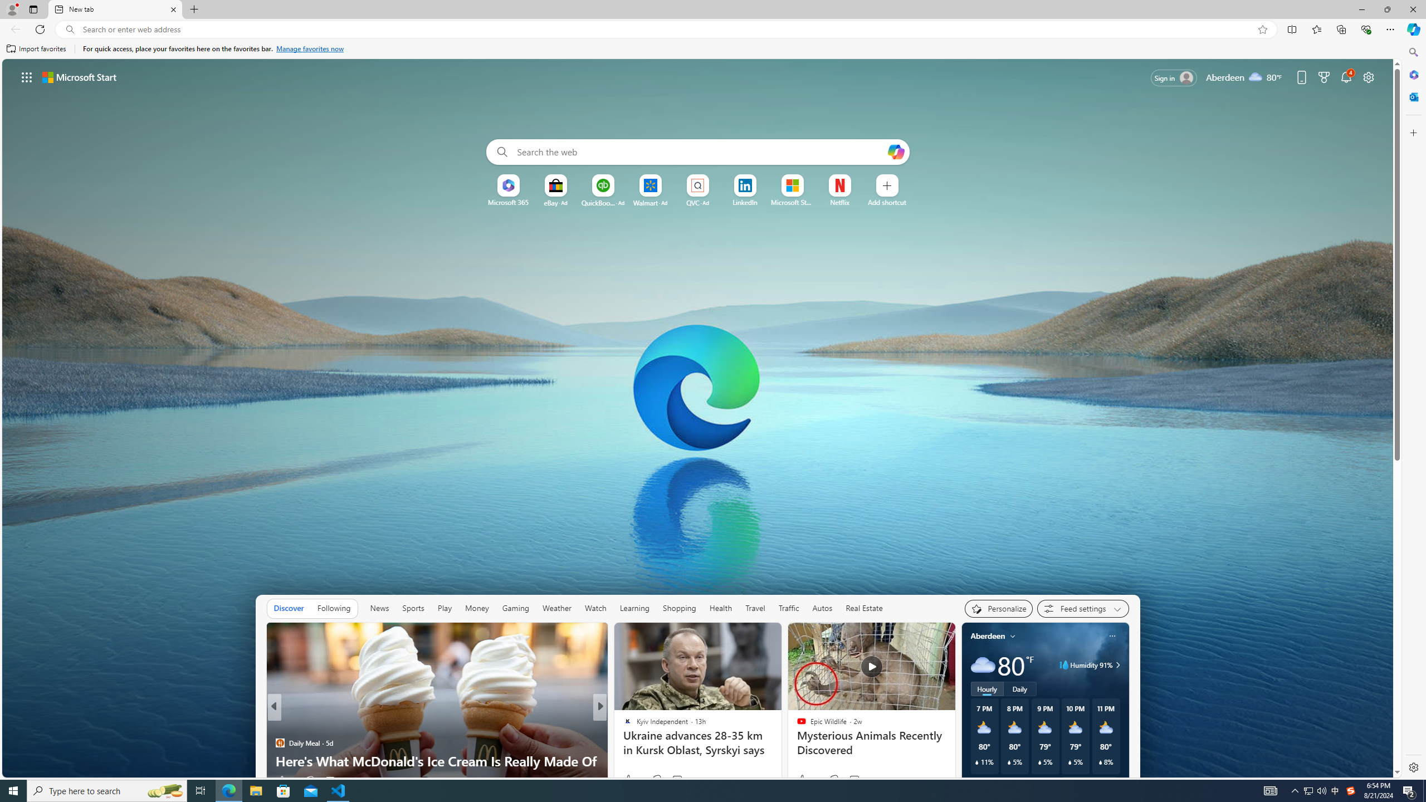  What do you see at coordinates (309, 48) in the screenshot?
I see `'Manage favorites now'` at bounding box center [309, 48].